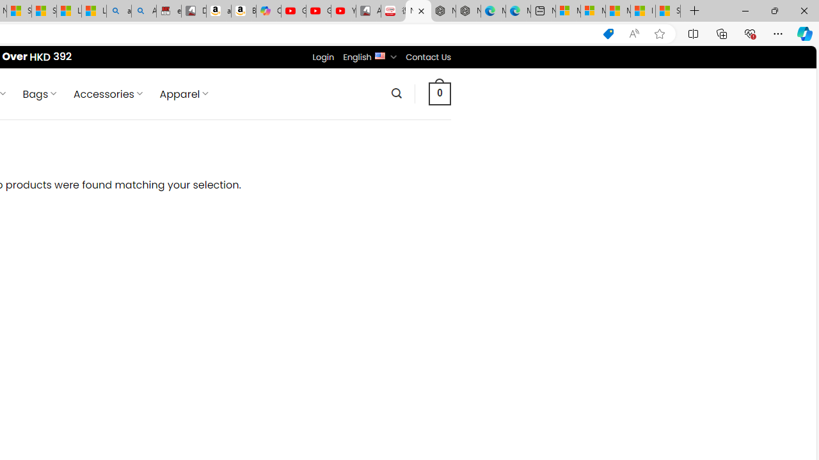  I want to click on 'This site has coupons! Shopping in Microsoft Edge', so click(608, 33).